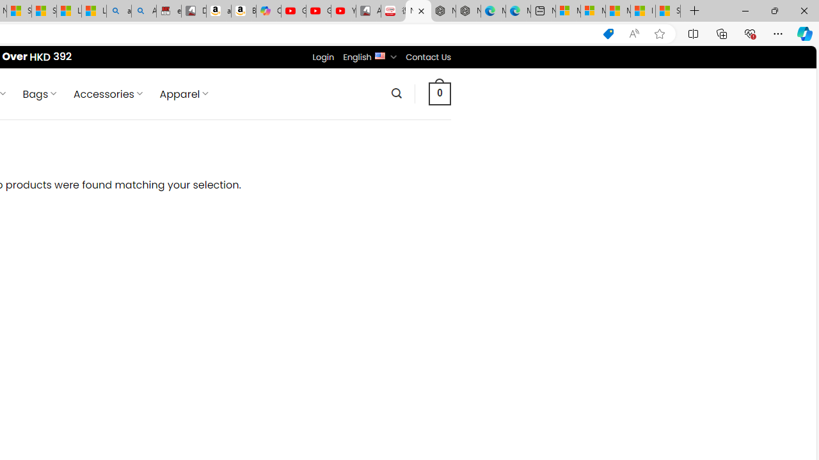  I want to click on 'This site has coupons! Shopping in Microsoft Edge', so click(608, 33).